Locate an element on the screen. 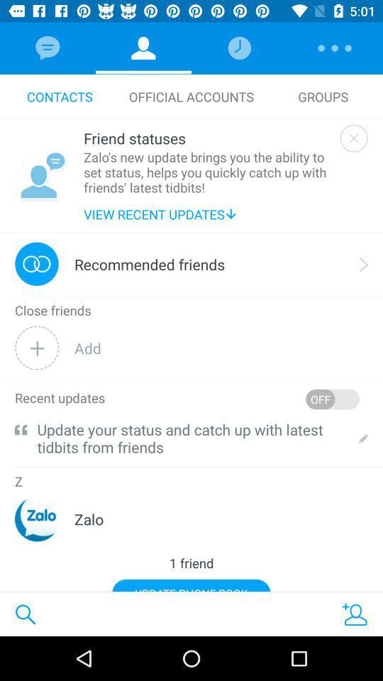 The height and width of the screenshot is (681, 383). icon next to recent updates is located at coordinates (332, 399).